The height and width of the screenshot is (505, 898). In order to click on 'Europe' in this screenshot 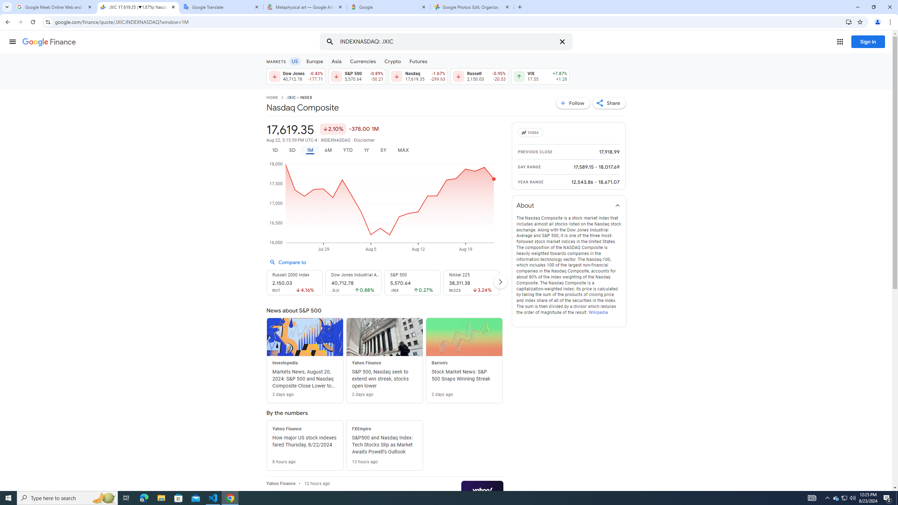, I will do `click(314, 61)`.